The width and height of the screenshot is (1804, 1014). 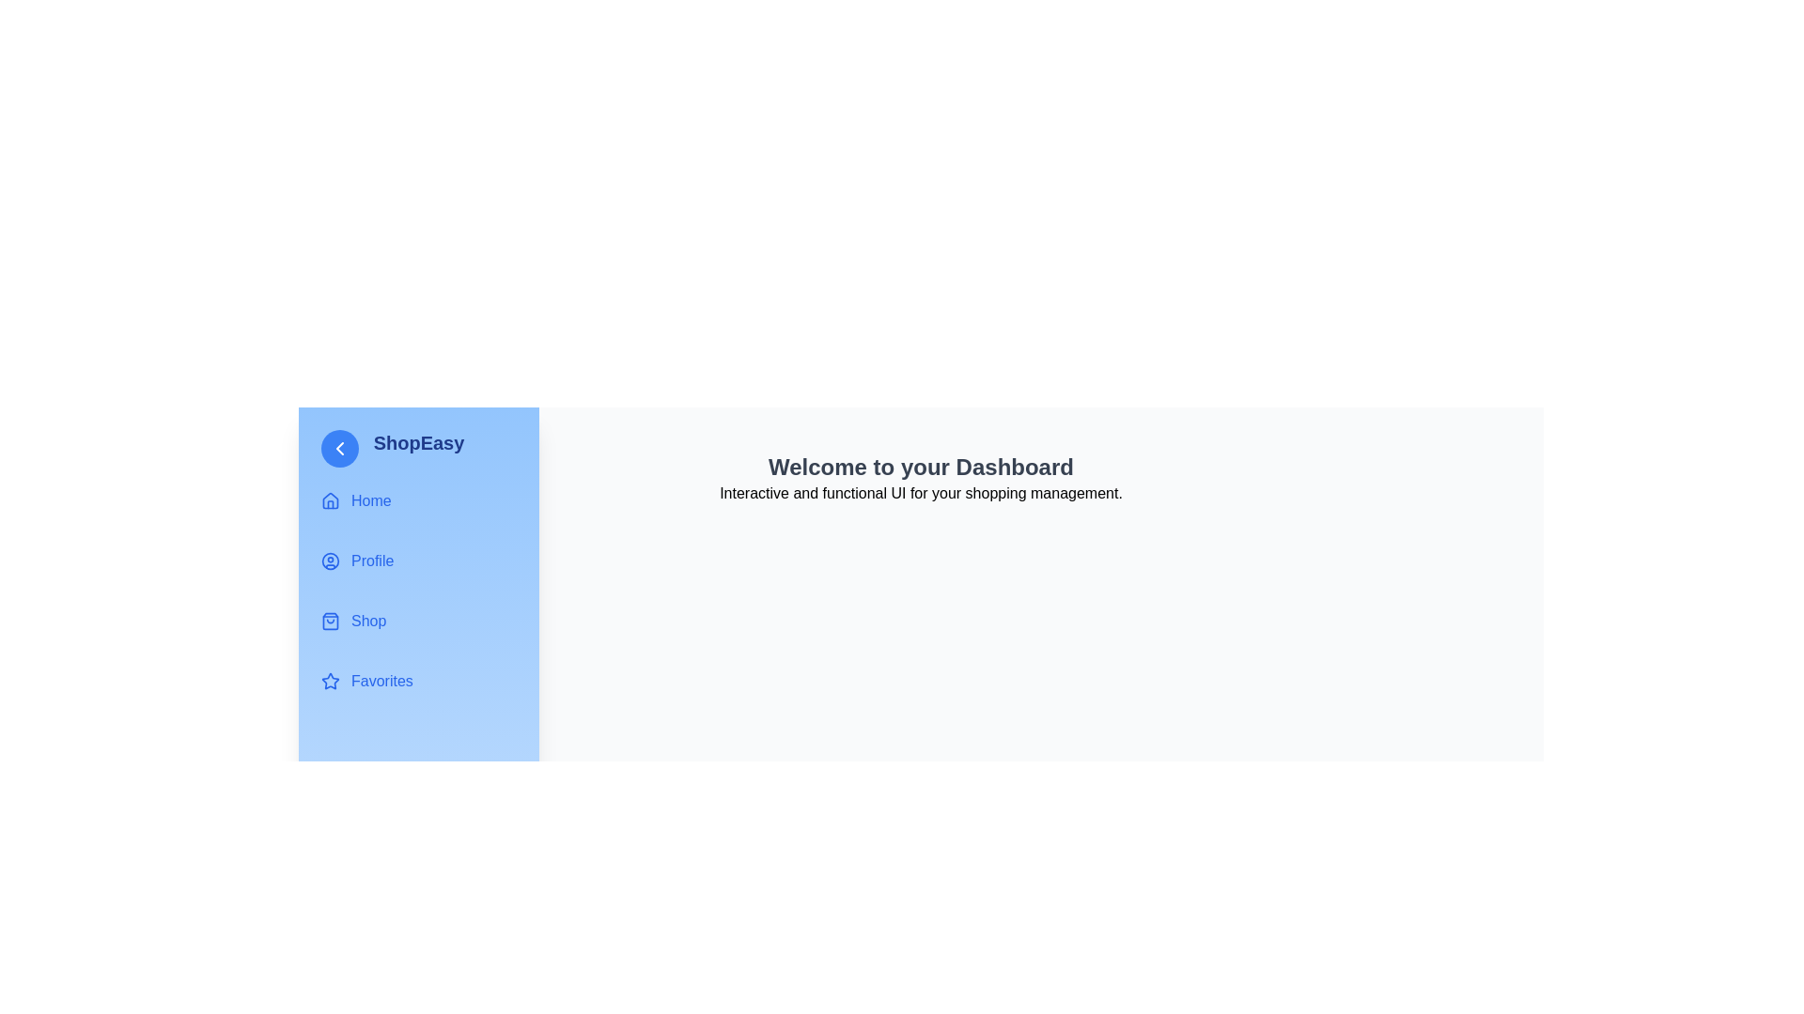 What do you see at coordinates (921, 492) in the screenshot?
I see `the text element reading 'Interactive and functional UI for your shopping management.' which is positioned directly below the title 'Welcome to your Dashboard'` at bounding box center [921, 492].